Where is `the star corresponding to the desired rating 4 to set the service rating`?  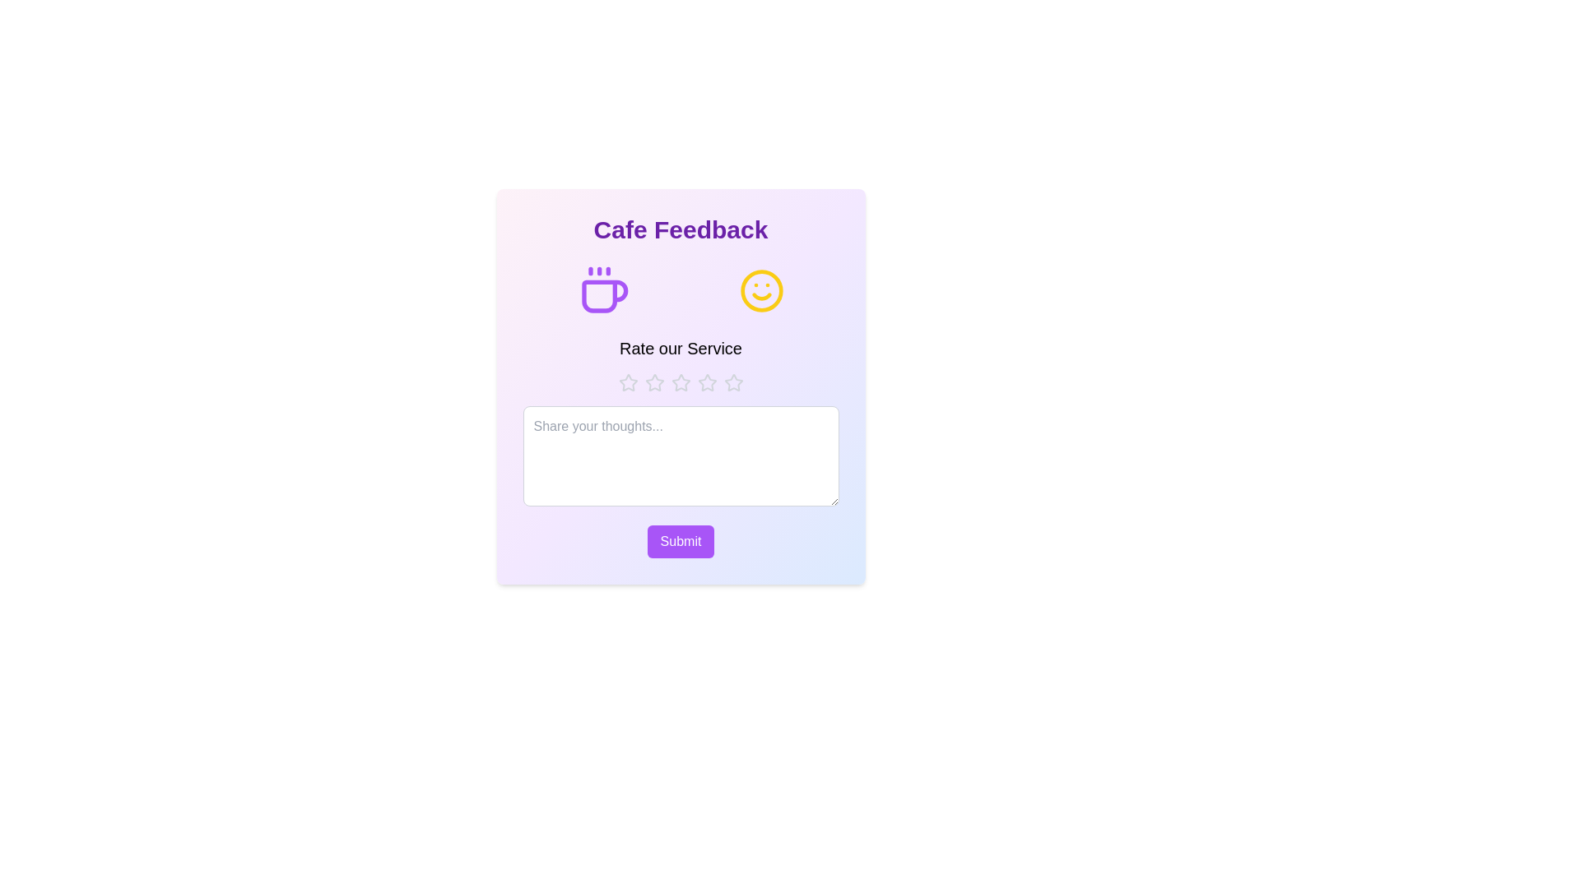
the star corresponding to the desired rating 4 to set the service rating is located at coordinates (707, 383).